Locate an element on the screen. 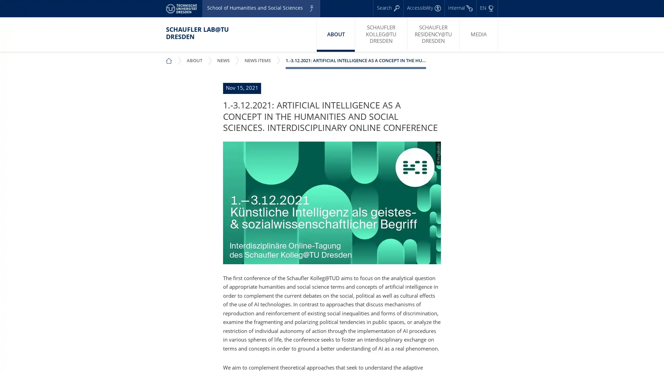 Image resolution: width=664 pixels, height=373 pixels. Show submenu is located at coordinates (230, 56).